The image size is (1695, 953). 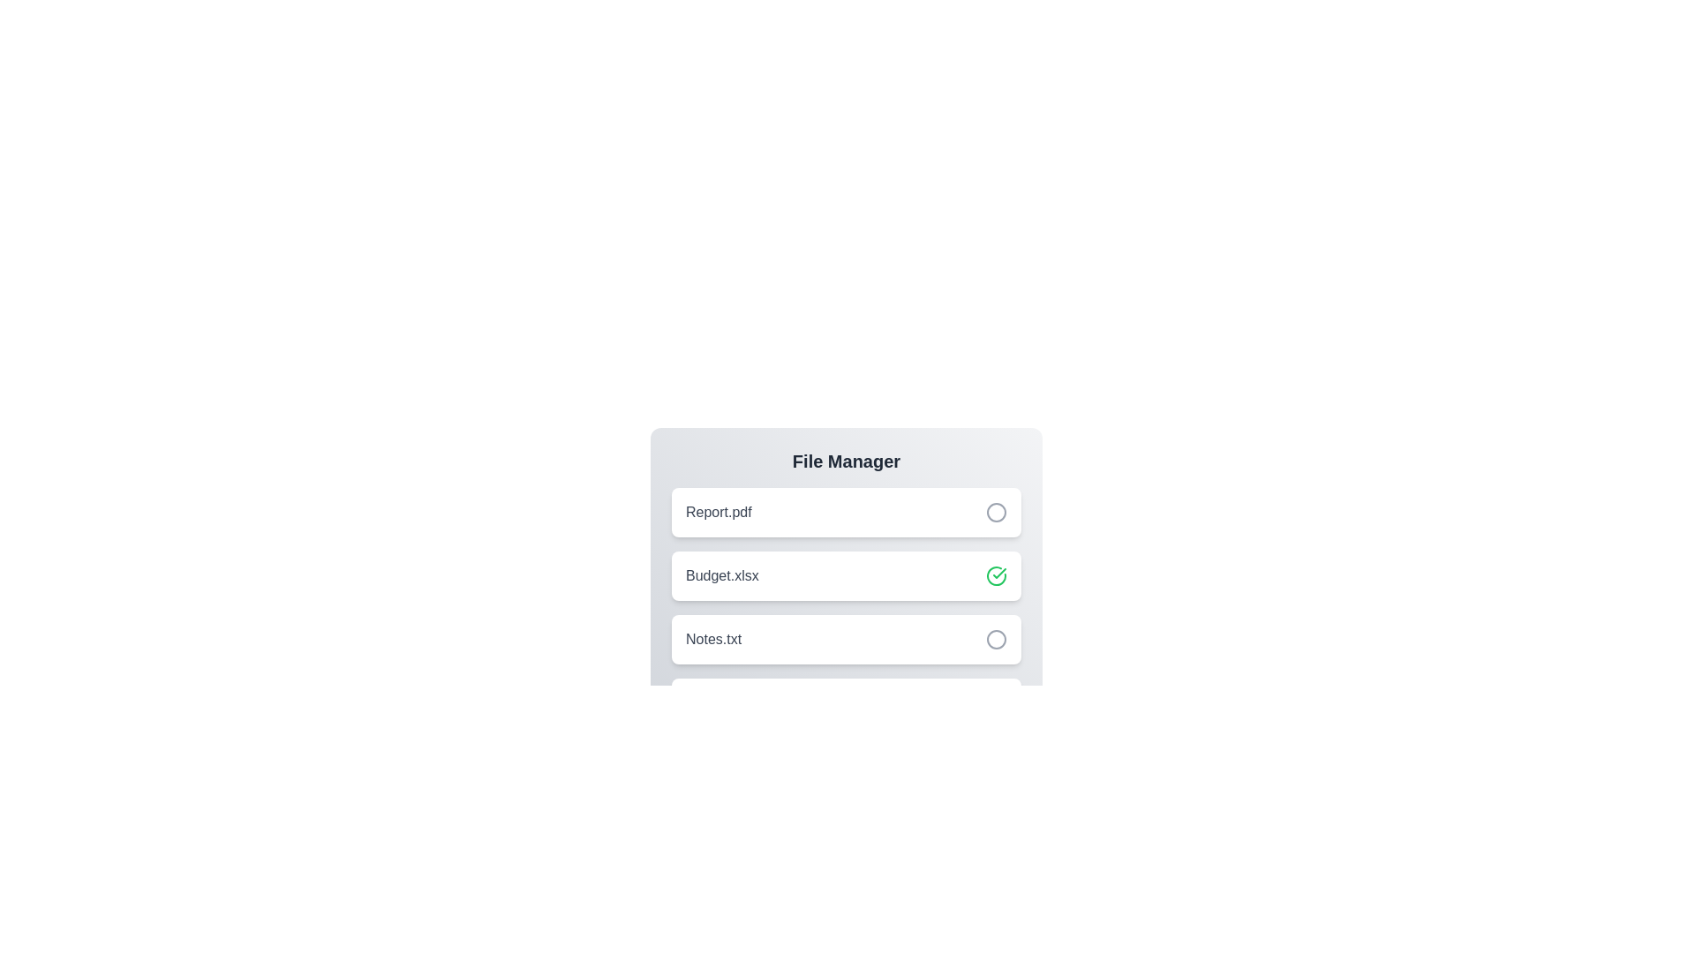 I want to click on the file item Report.pdf by clicking its associated button, so click(x=996, y=513).